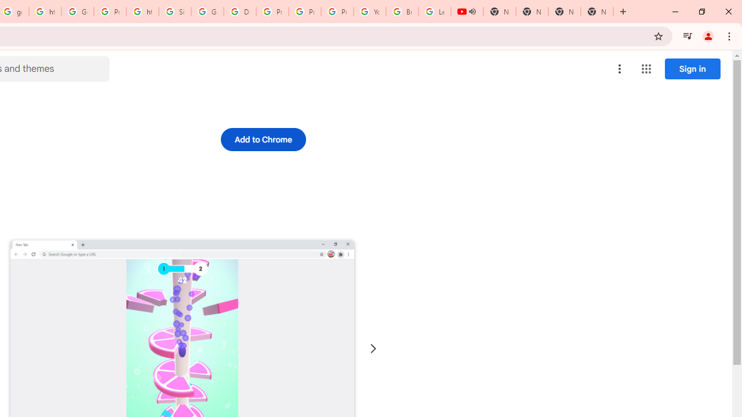 Image resolution: width=742 pixels, height=417 pixels. I want to click on 'More options menu', so click(619, 69).